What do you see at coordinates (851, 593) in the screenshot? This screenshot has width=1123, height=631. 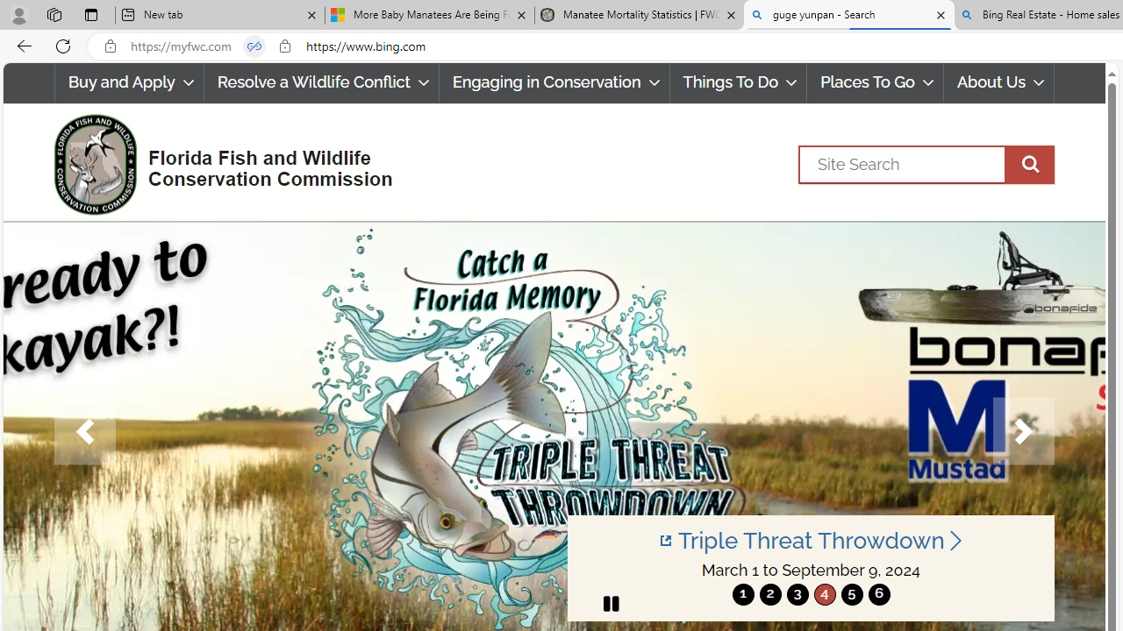 I see `'5'` at bounding box center [851, 593].